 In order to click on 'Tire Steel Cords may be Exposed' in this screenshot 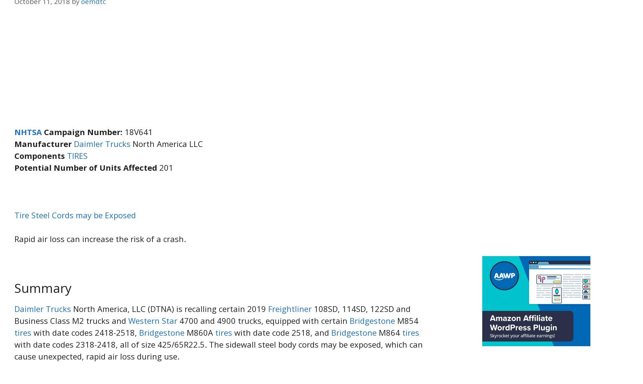, I will do `click(75, 214)`.